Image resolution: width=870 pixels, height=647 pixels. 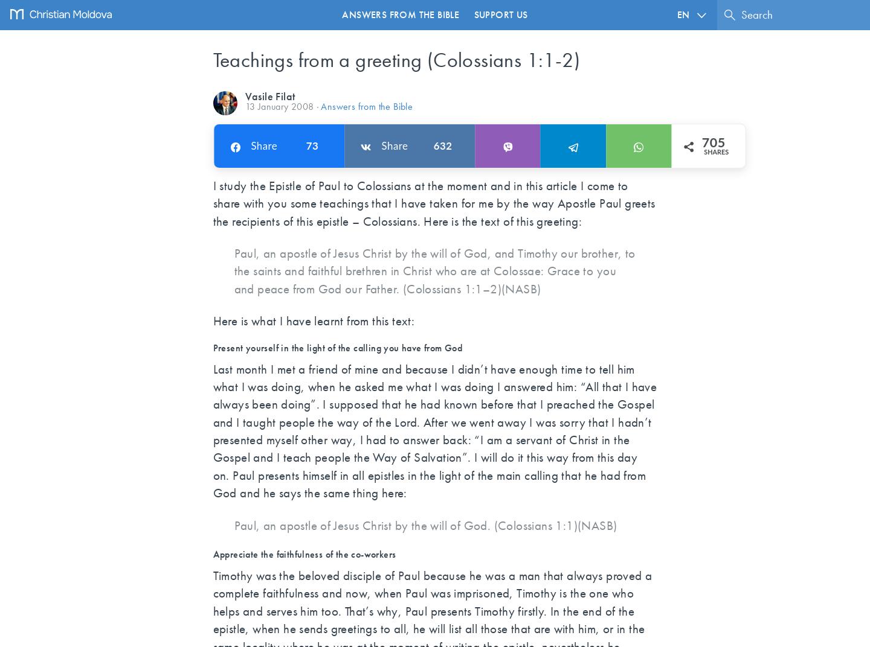 I want to click on 'Here is what I have learnt from this text:', so click(x=312, y=320).